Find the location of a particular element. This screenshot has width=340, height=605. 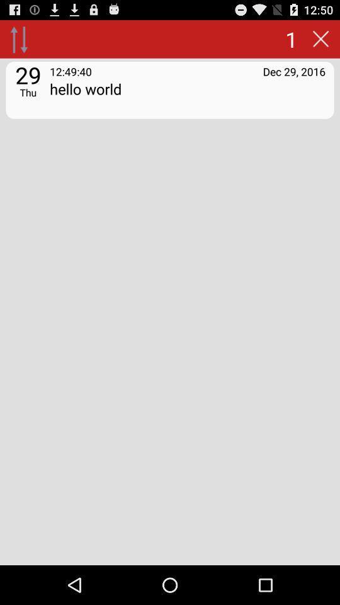

the app next to the 12:49:40 icon is located at coordinates (294, 71).